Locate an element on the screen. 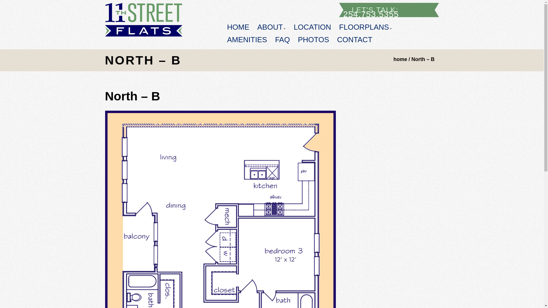 This screenshot has height=308, width=548. 'LOCATION' is located at coordinates (312, 27).